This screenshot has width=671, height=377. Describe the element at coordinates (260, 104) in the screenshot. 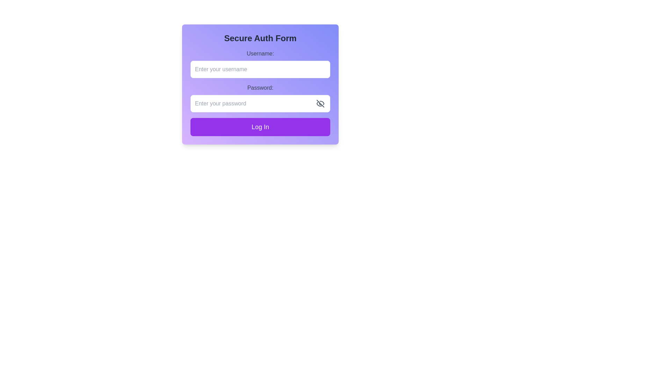

I see `the password input field labeled 'Enter your password' for visual feedback` at that location.